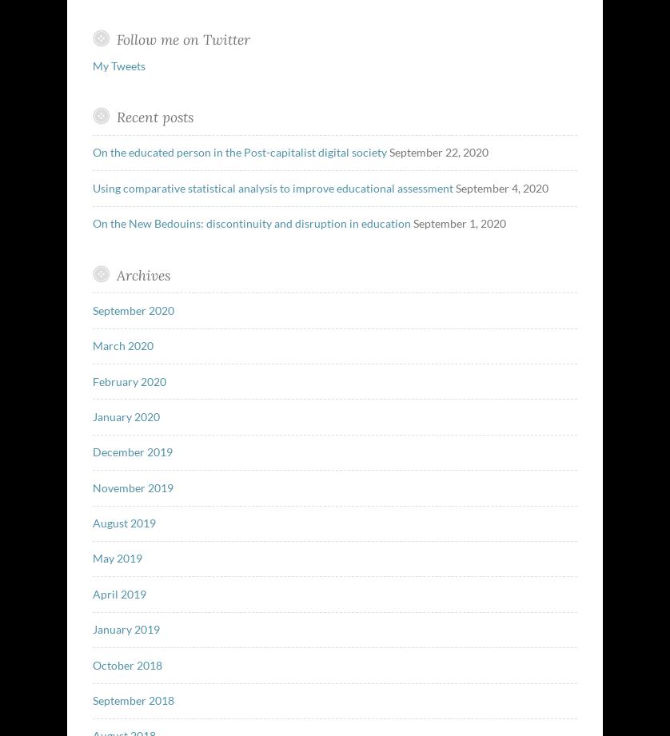 The image size is (670, 736). Describe the element at coordinates (459, 222) in the screenshot. I see `'September 1, 2020'` at that location.